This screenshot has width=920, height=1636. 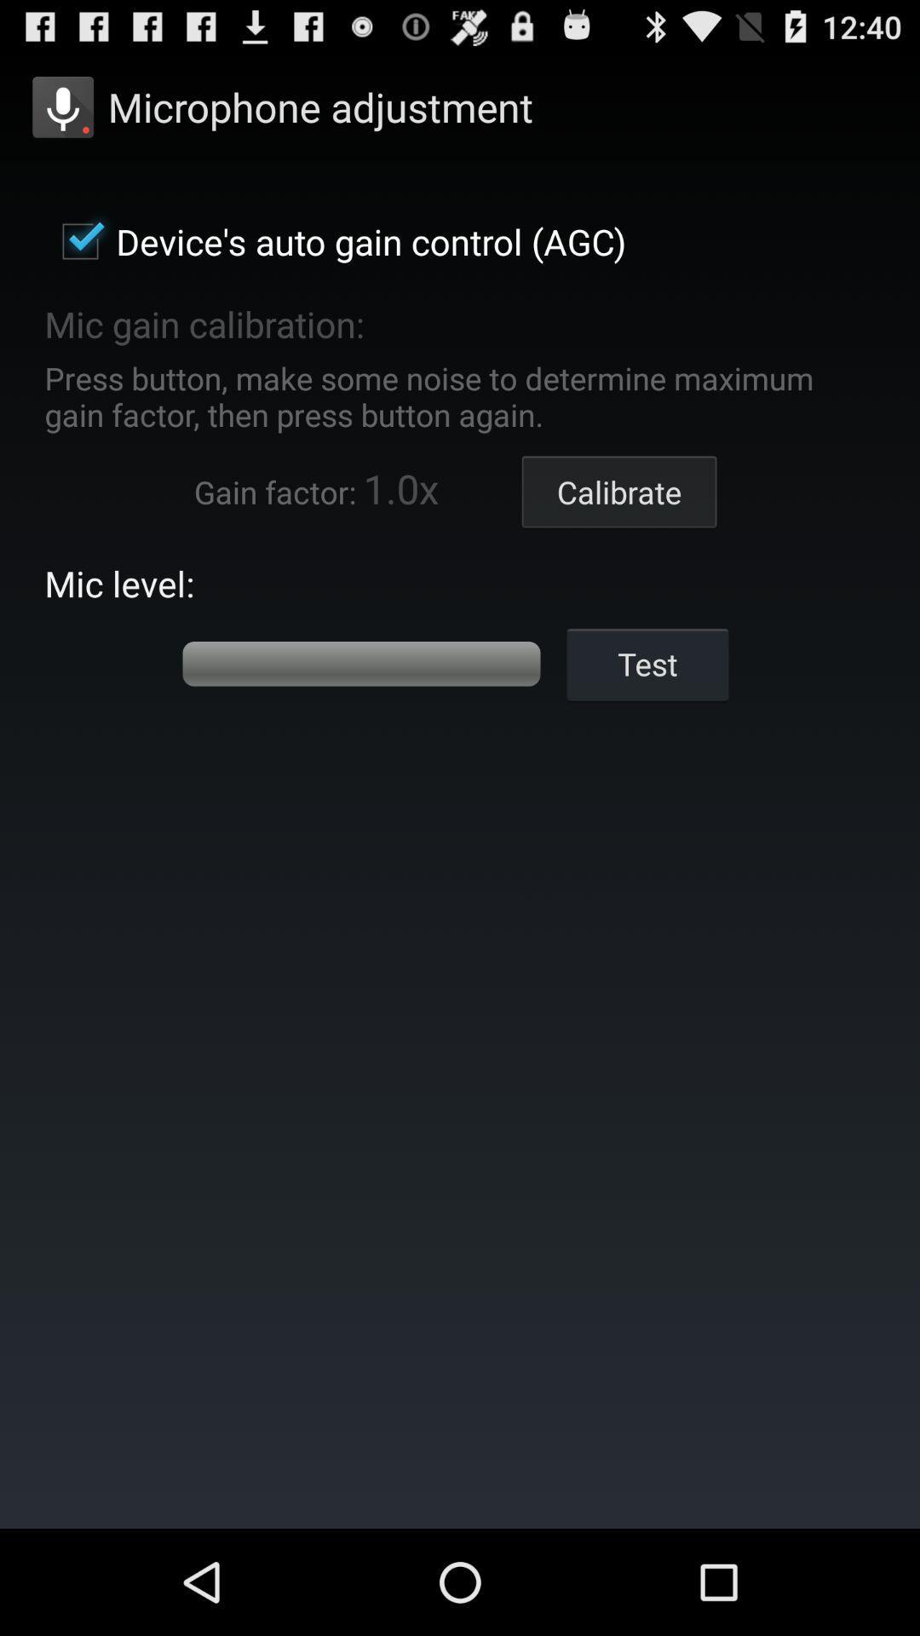 I want to click on icon to the right of the 1.0x app, so click(x=619, y=491).